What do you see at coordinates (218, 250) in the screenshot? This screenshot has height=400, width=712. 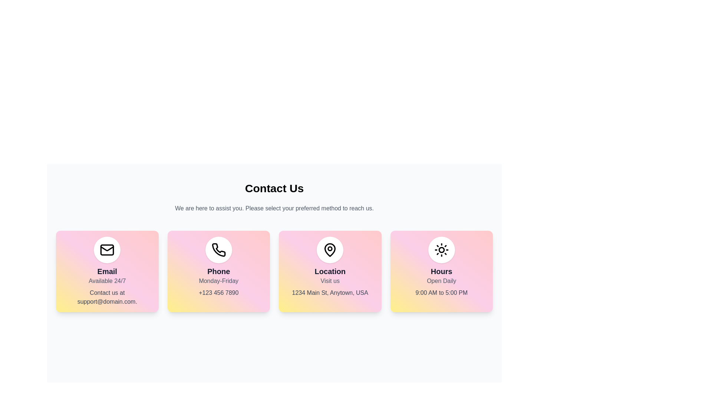 I see `the phone contact information icon located at the top center of the 'Phone' card, which is the second card in a horizontal row of four cards labeled 'Email', 'Phone', and 'Location'` at bounding box center [218, 250].